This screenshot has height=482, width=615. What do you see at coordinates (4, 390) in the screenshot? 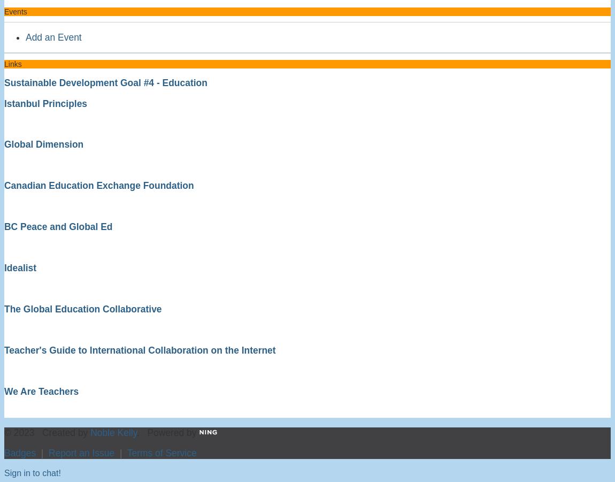
I see `'We Are Teachers'` at bounding box center [4, 390].